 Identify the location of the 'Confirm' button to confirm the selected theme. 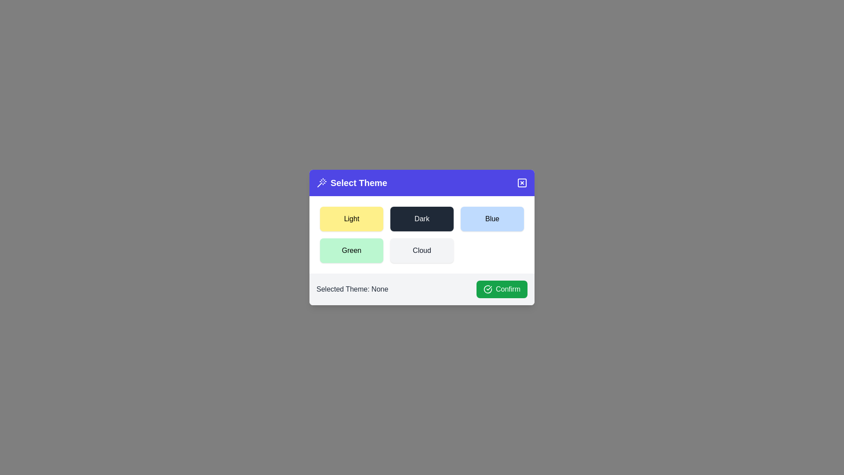
(502, 289).